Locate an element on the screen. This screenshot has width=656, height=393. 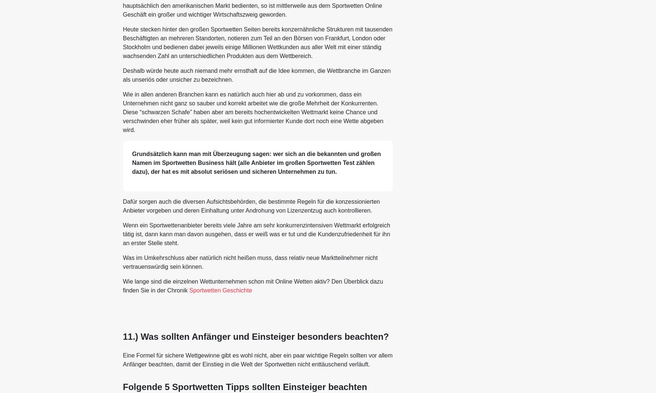
'11.) Was sollten Anfänger und Einsteiger besonders beachten?' is located at coordinates (255, 336).